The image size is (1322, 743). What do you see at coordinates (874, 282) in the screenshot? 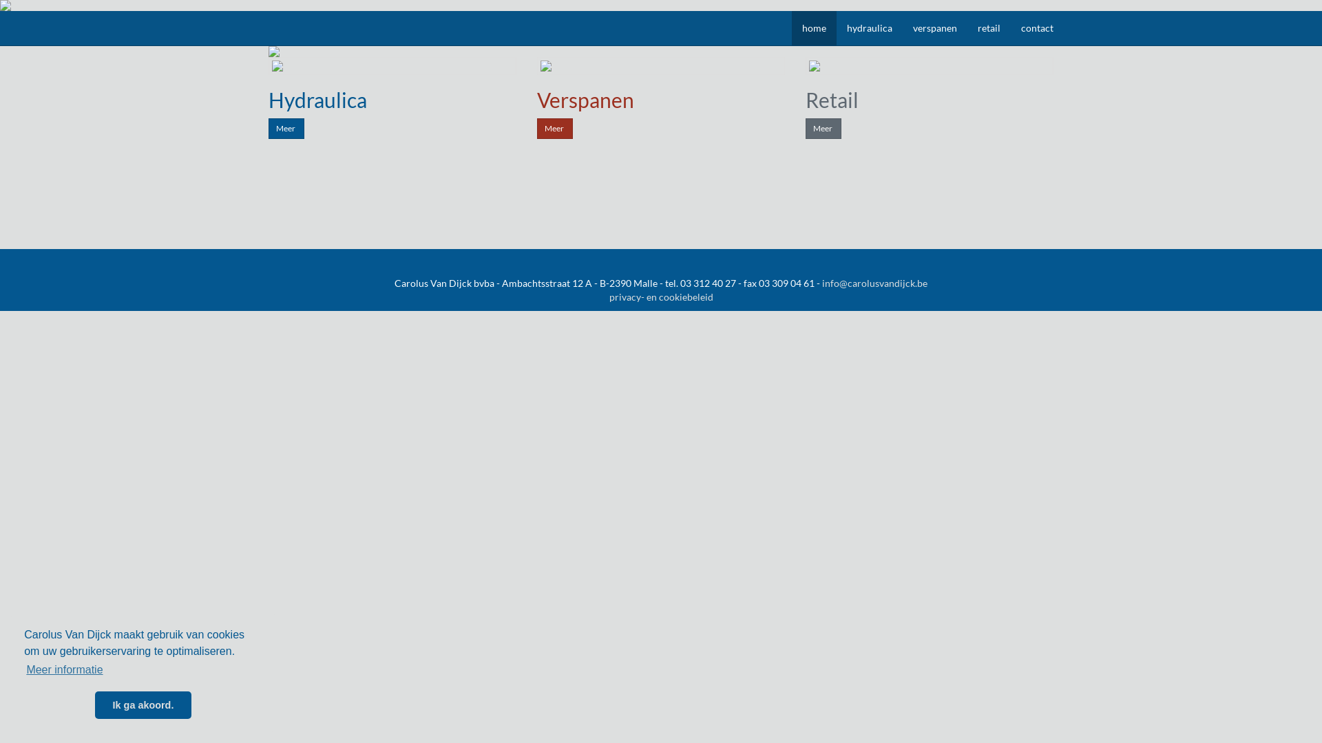
I see `'info@carolusvandijck.be'` at bounding box center [874, 282].